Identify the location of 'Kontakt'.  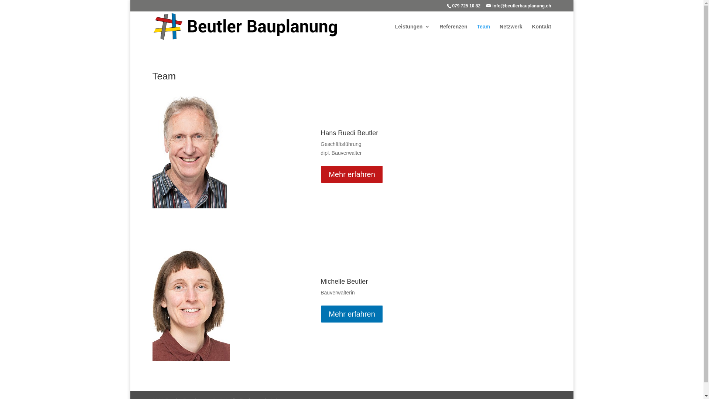
(541, 32).